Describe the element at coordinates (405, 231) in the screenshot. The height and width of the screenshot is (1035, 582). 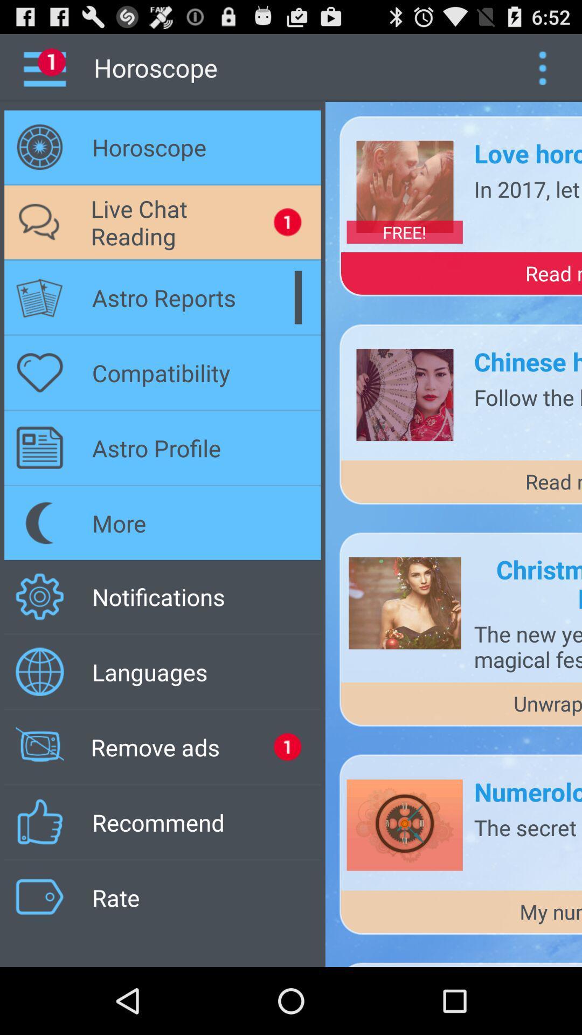
I see `icon above the read my horoscope icon` at that location.